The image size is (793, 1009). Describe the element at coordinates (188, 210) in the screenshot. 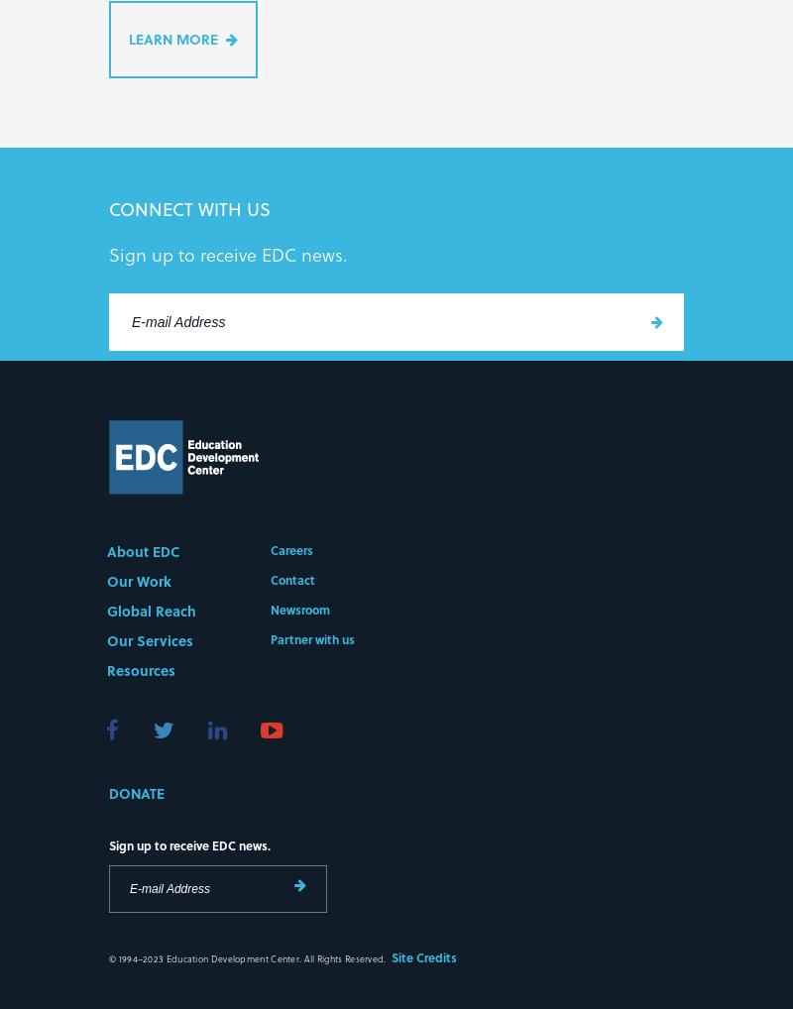

I see `'Connect with Us'` at that location.